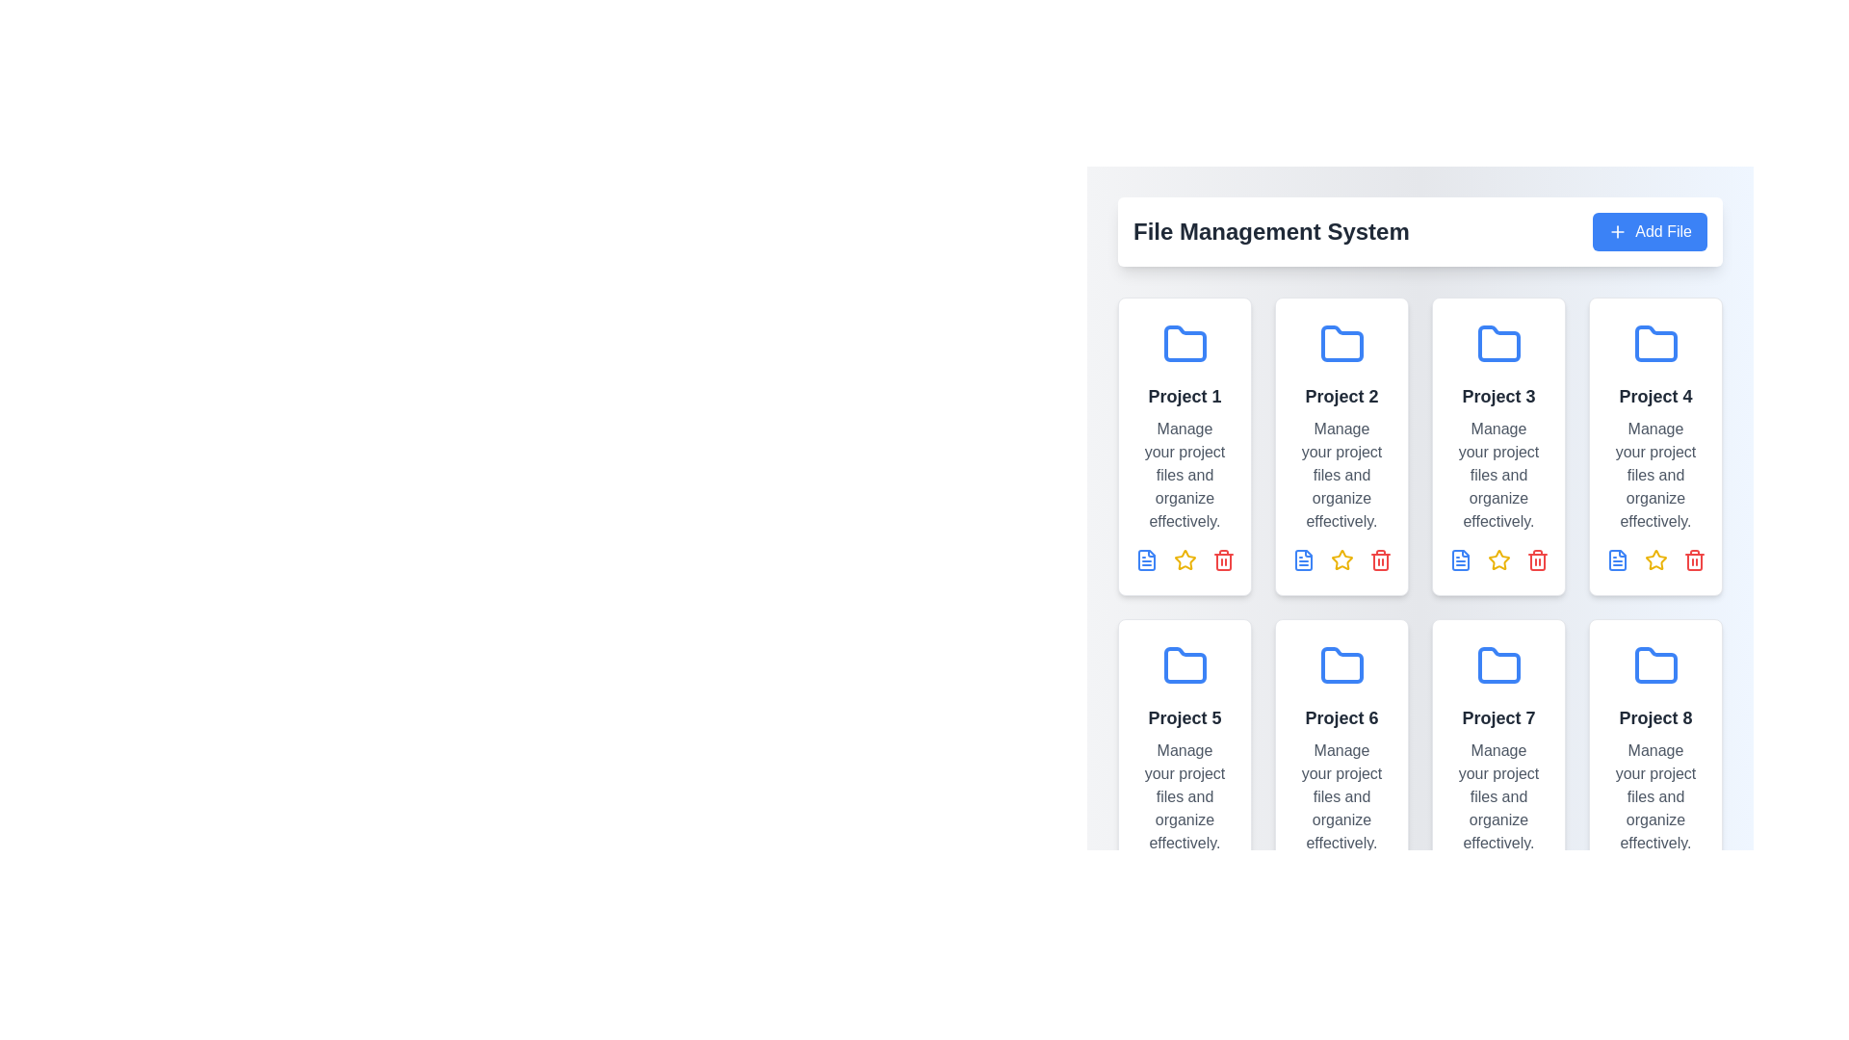  Describe the element at coordinates (1146, 560) in the screenshot. I see `the small blue file icon located at the bottom-left corner of the 'Project 1' card, which is the first in a horizontal sequence of three icons` at that location.